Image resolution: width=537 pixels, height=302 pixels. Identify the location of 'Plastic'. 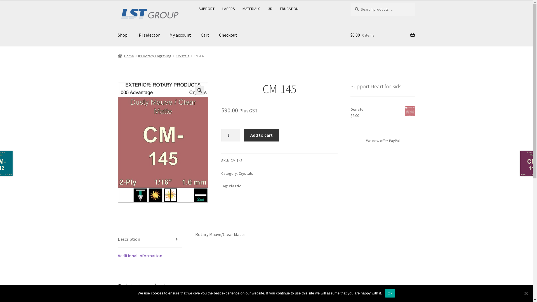
(235, 186).